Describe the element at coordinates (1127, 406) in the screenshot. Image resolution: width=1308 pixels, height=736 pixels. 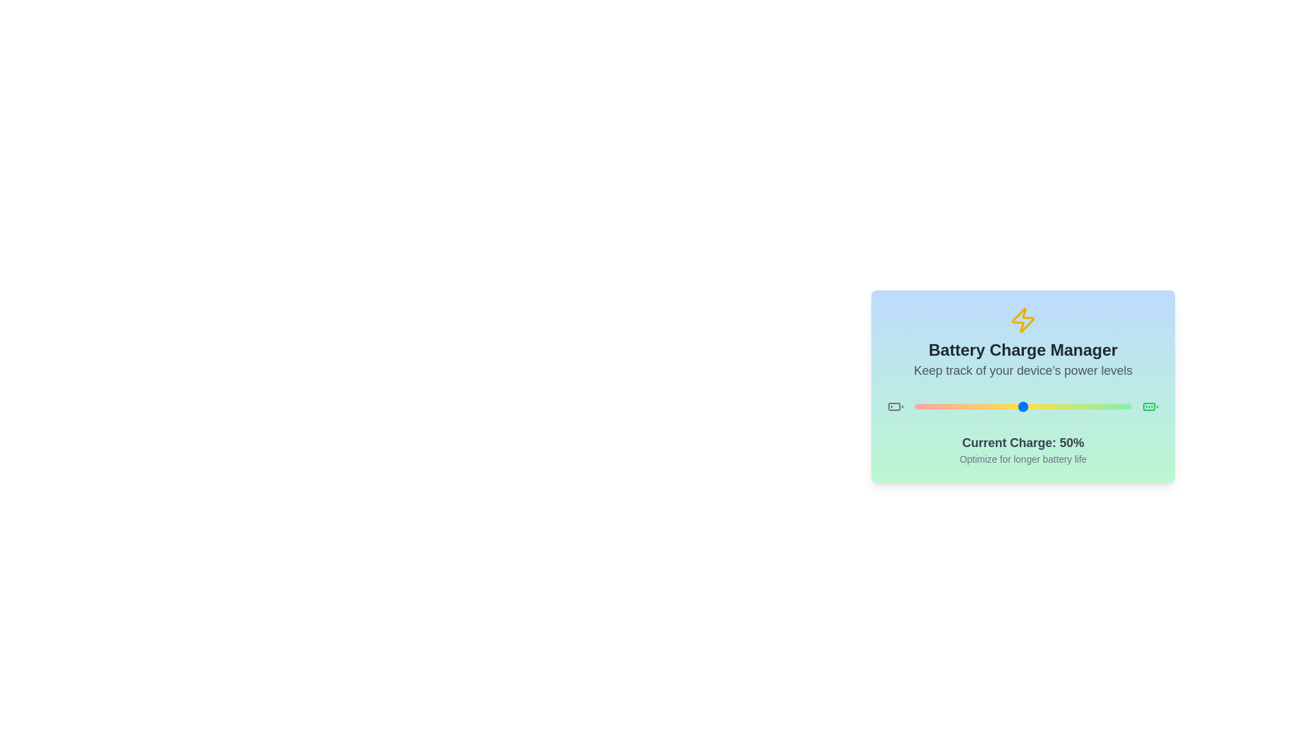
I see `the battery charge level to 98% using the slider` at that location.